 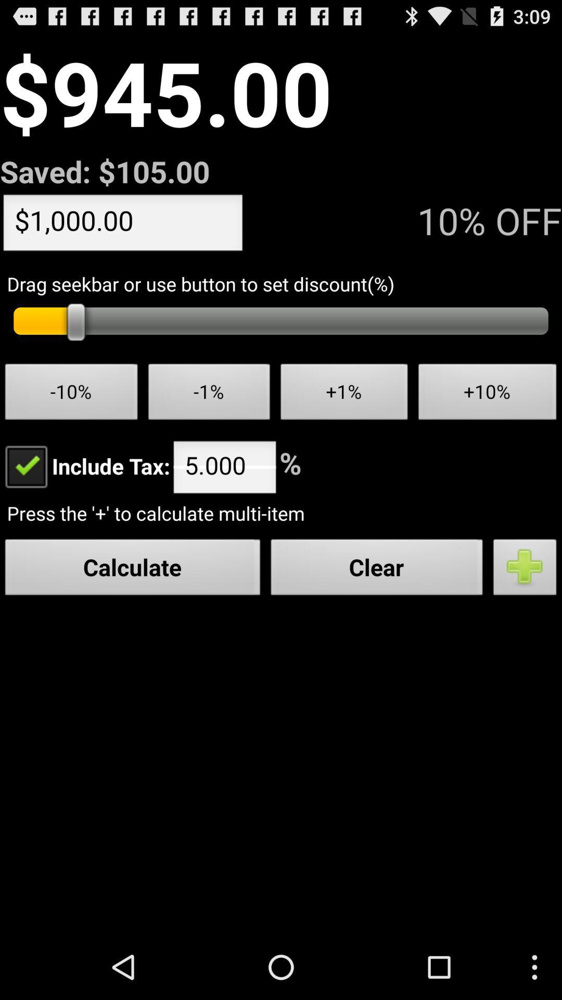 I want to click on the icon to the left of the   10% off app, so click(x=122, y=224).